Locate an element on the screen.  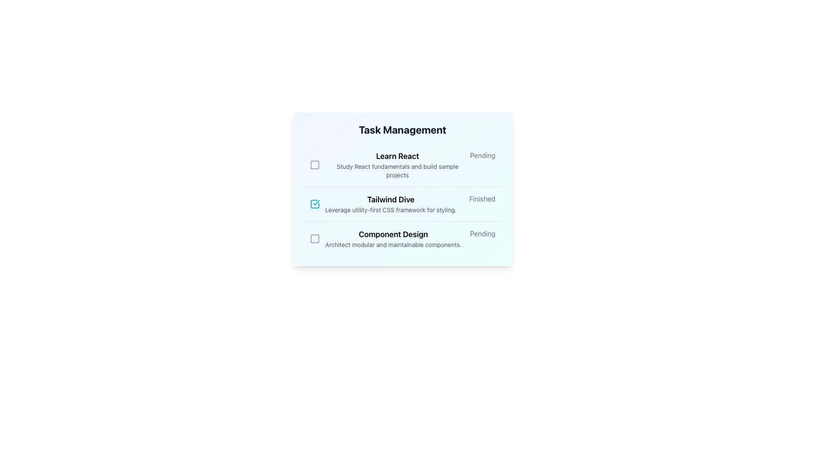
the checkbox indicator for the completed task 'Tailwind Dive' located to the left of its title is located at coordinates (315, 204).